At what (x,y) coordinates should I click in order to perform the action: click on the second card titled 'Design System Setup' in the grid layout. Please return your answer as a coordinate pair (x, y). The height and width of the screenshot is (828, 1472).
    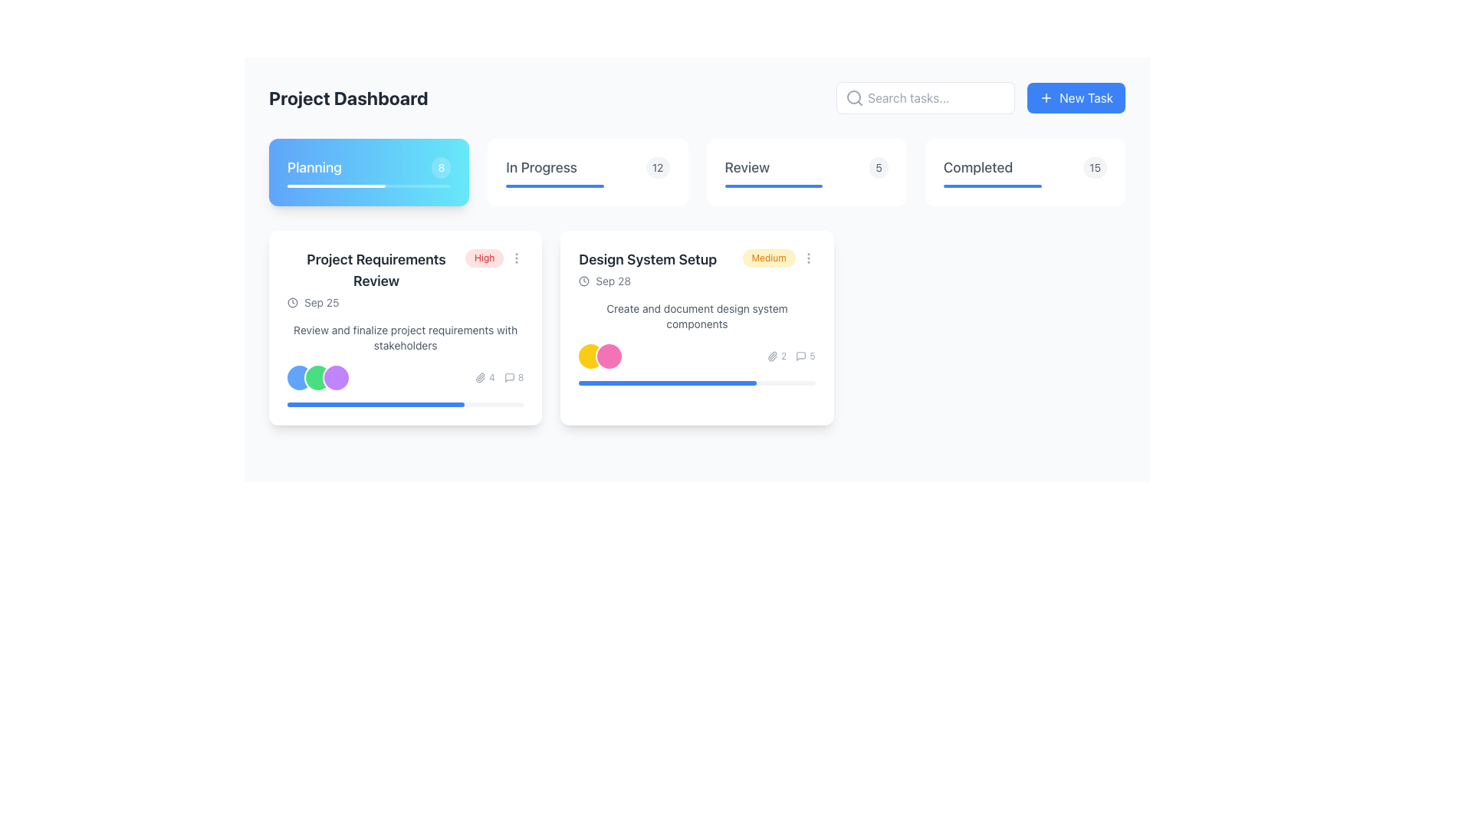
    Looking at the image, I should click on (696, 327).